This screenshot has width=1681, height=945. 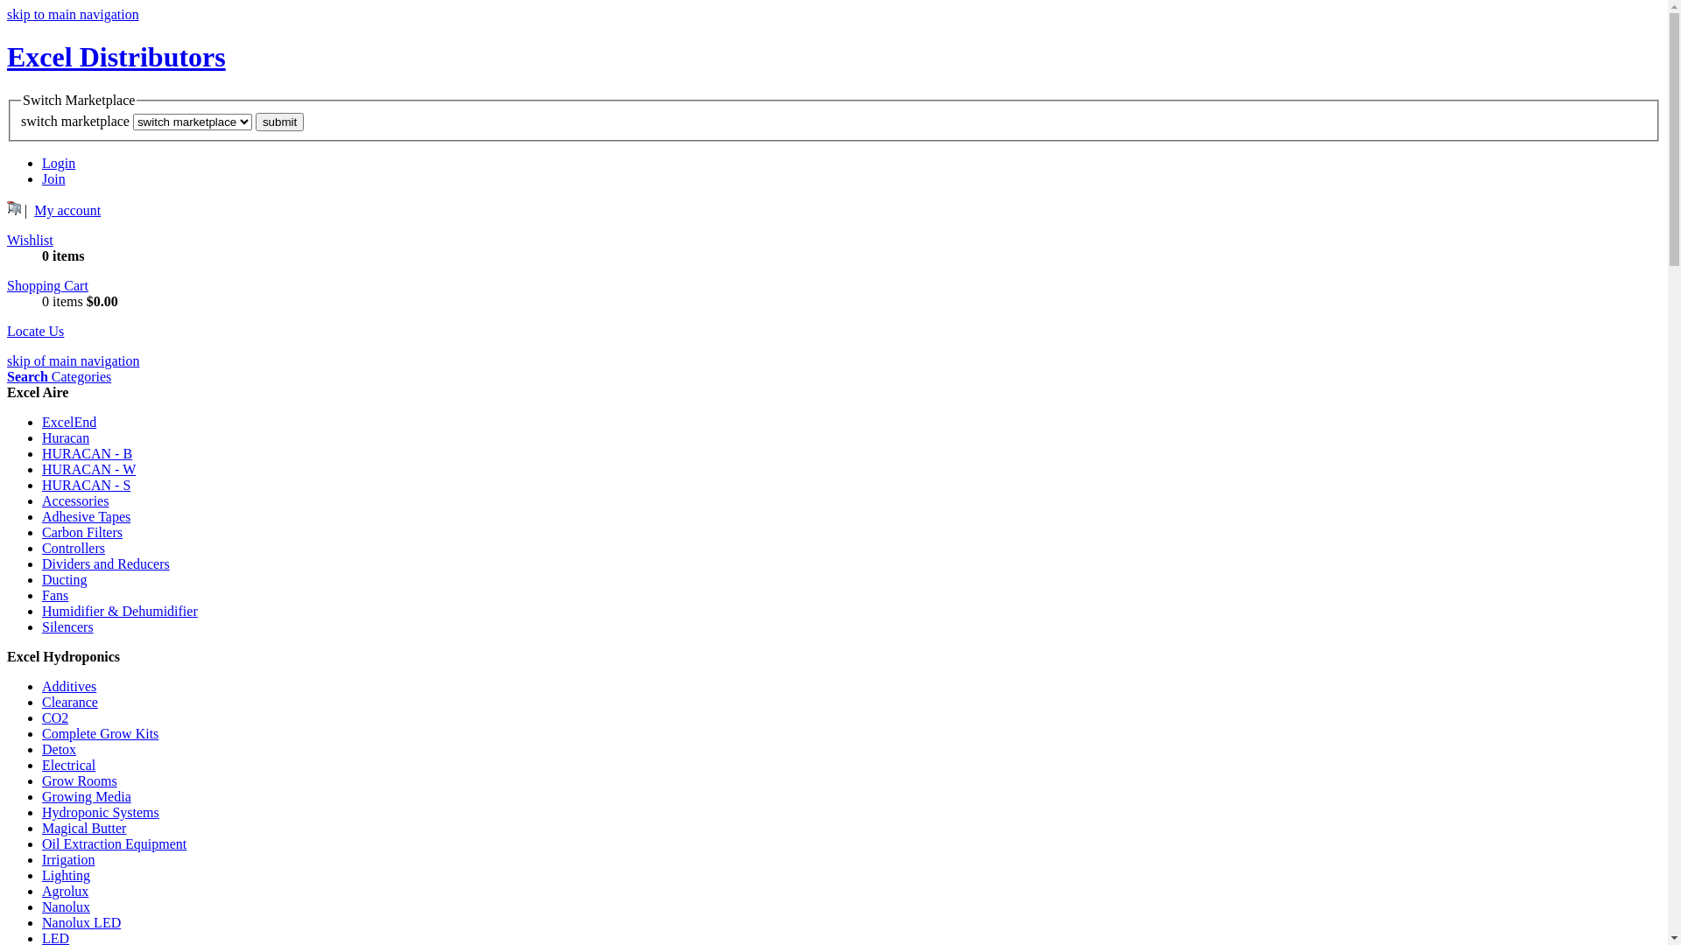 I want to click on 'Dividers and Reducers', so click(x=42, y=563).